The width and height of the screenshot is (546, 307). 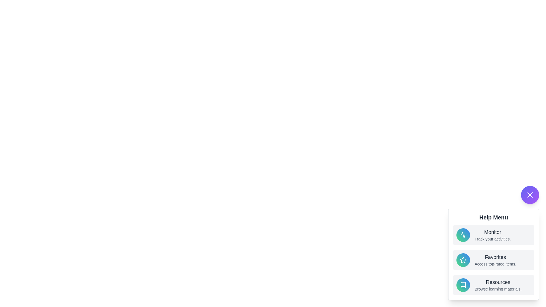 I want to click on the help option Monitor by clicking on it, so click(x=493, y=235).